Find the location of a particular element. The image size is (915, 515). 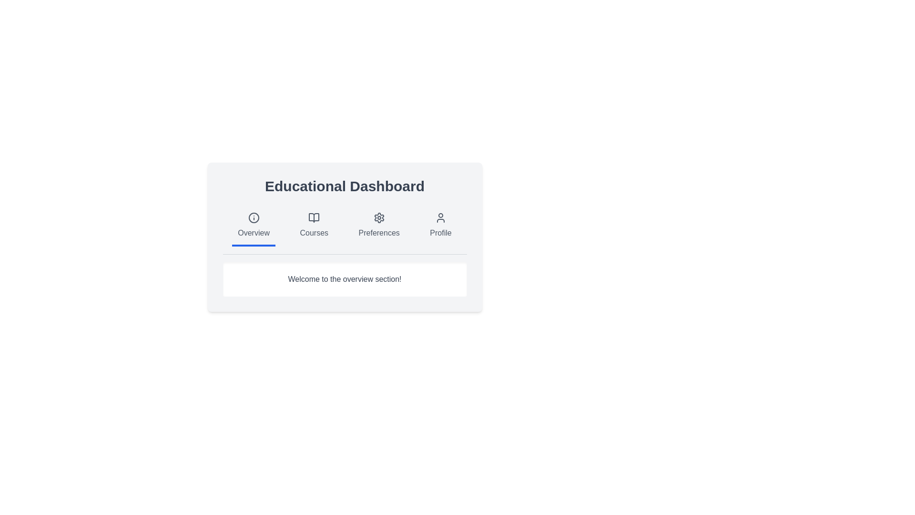

the 'Settings' icon is located at coordinates (378, 217).